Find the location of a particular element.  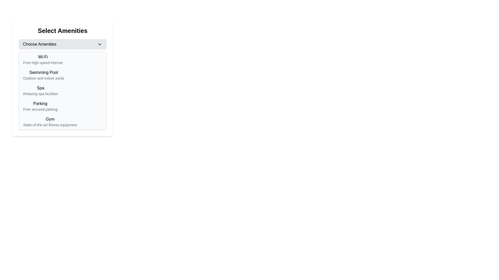

the fourth item in the amenities list, which indicates 'Free secured parking' is located at coordinates (62, 106).